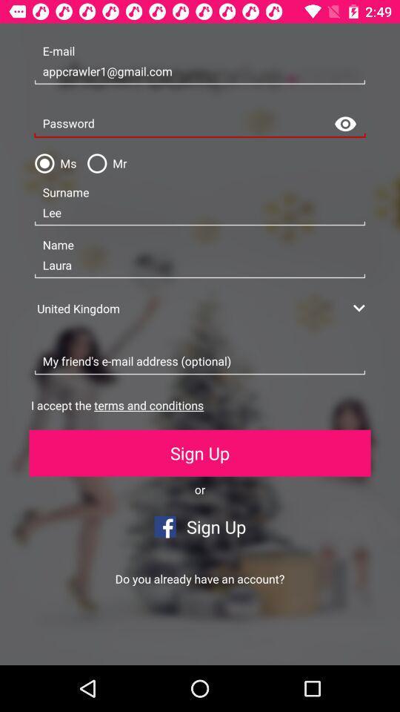  What do you see at coordinates (200, 123) in the screenshot?
I see `password enter option` at bounding box center [200, 123].